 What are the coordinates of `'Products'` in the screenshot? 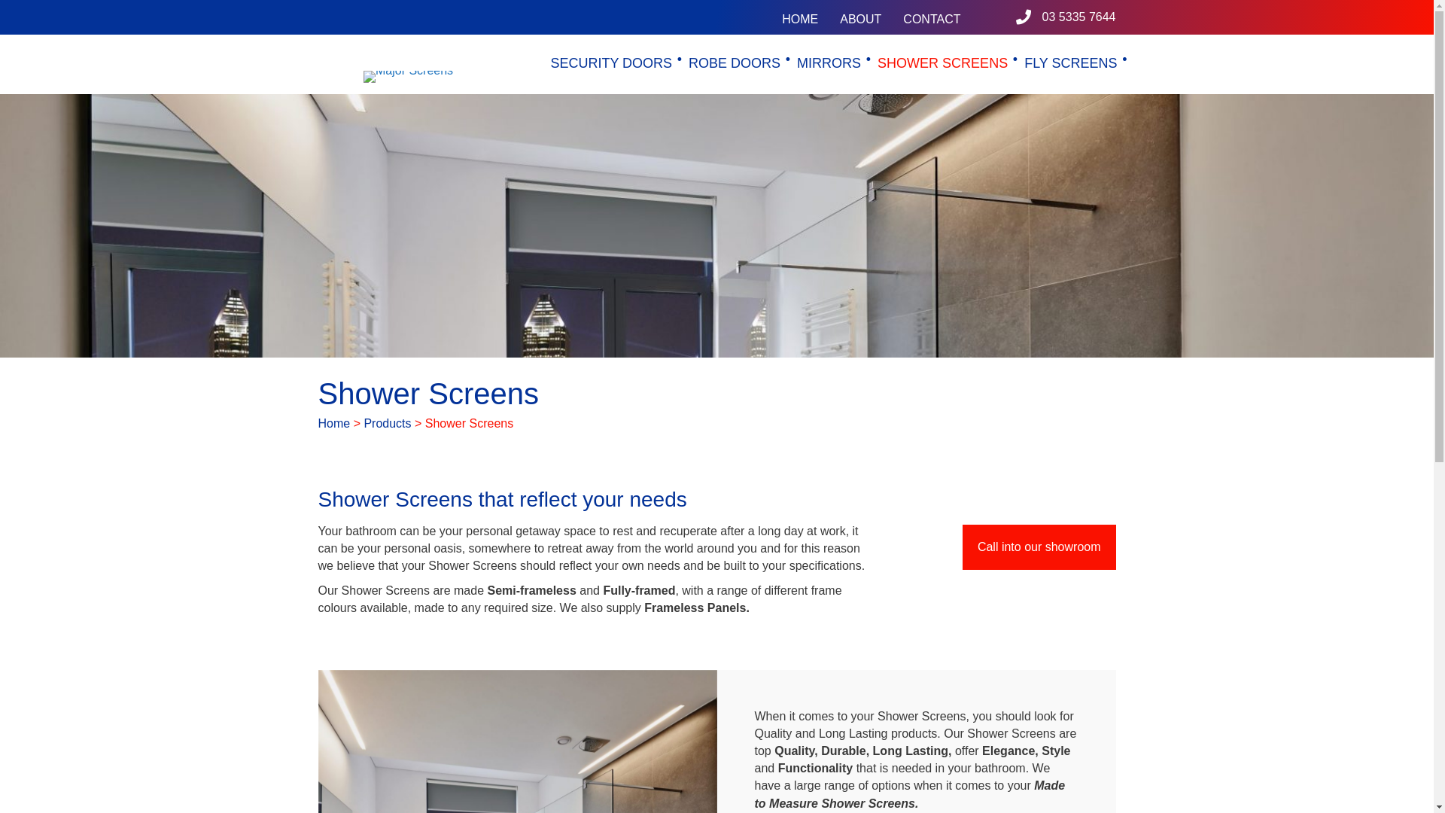 It's located at (364, 423).